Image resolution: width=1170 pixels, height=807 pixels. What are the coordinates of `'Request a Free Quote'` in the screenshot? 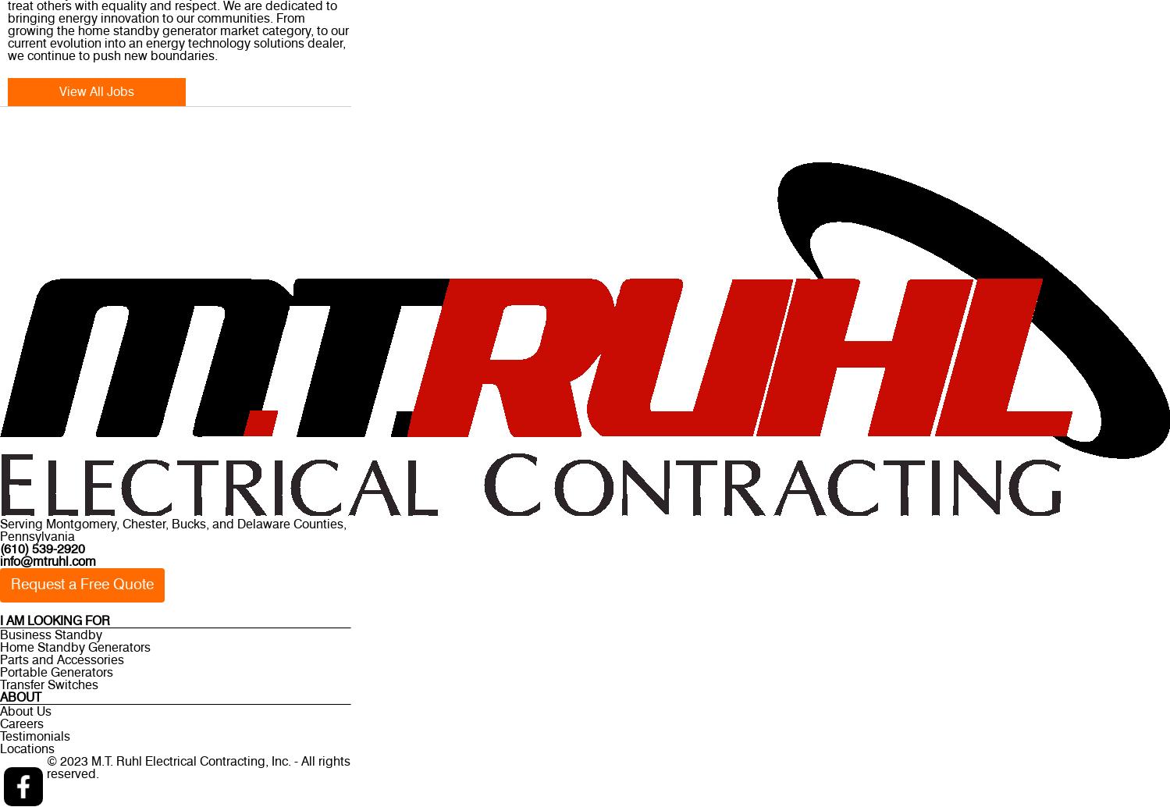 It's located at (81, 584).